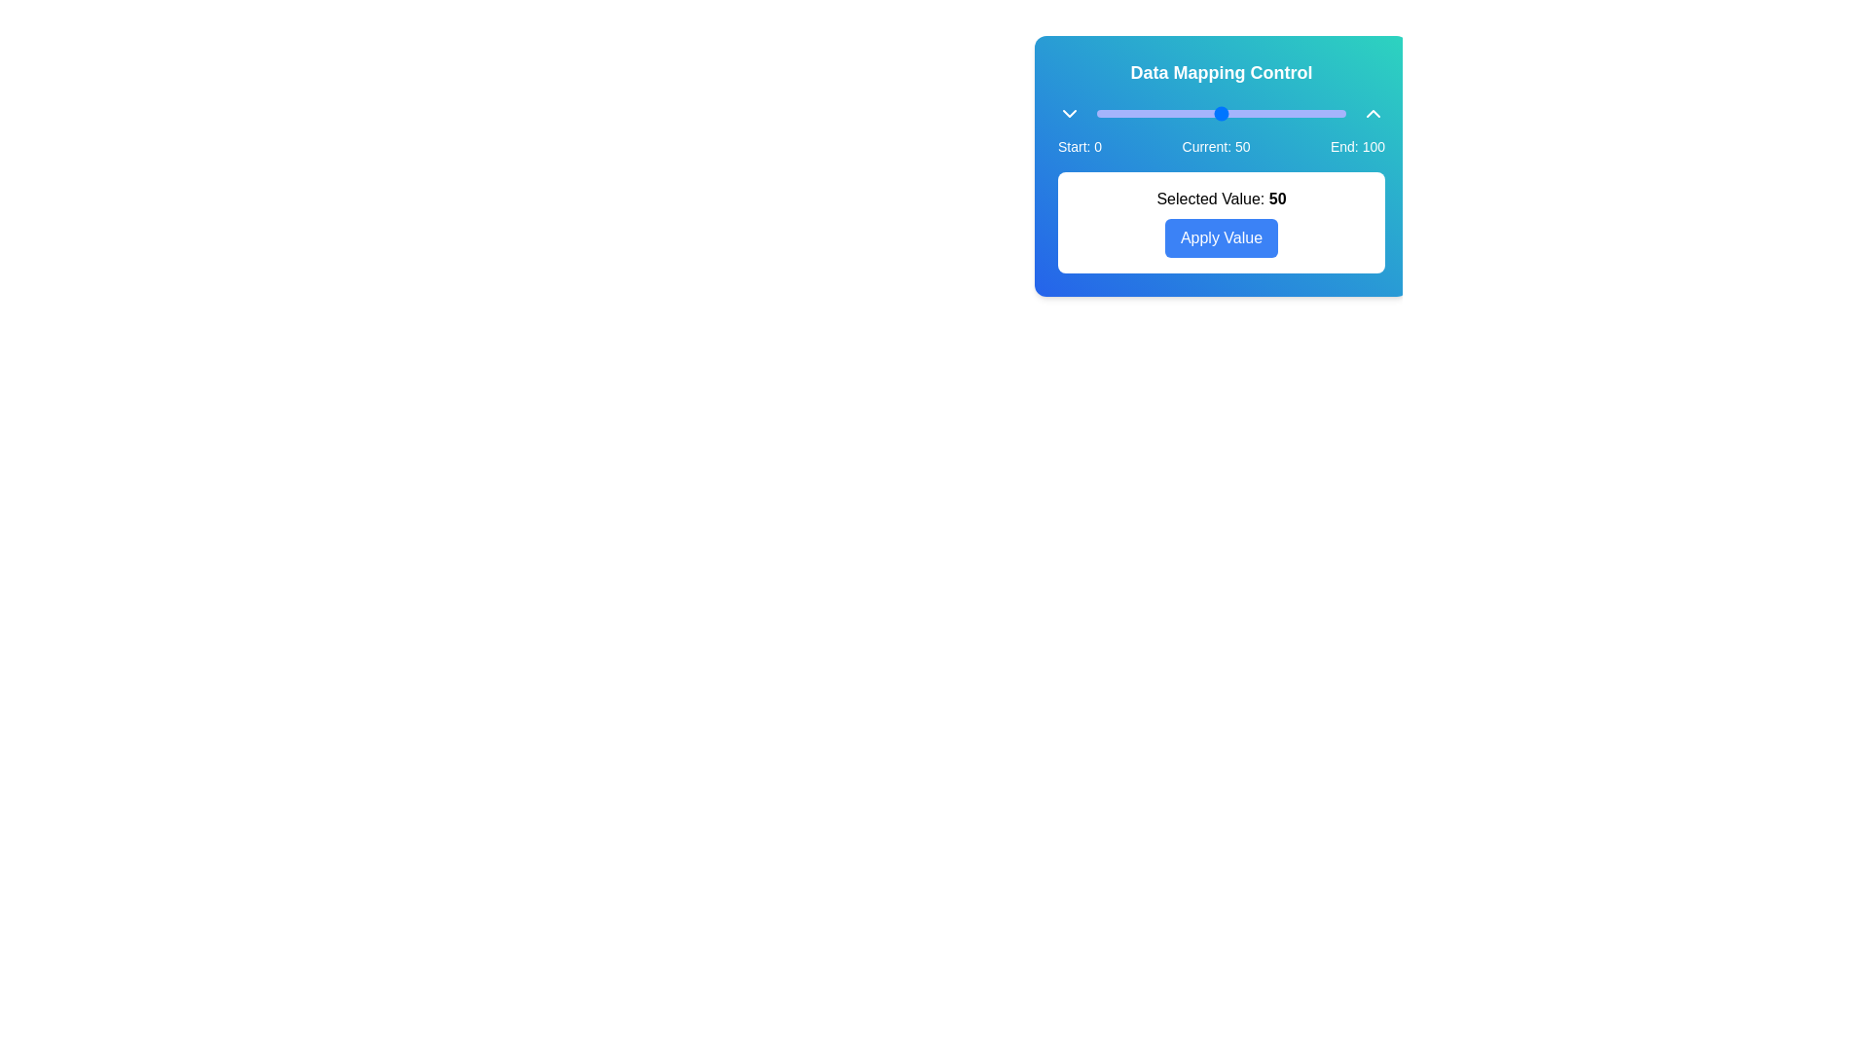 The height and width of the screenshot is (1051, 1869). What do you see at coordinates (1186, 109) in the screenshot?
I see `slider value` at bounding box center [1186, 109].